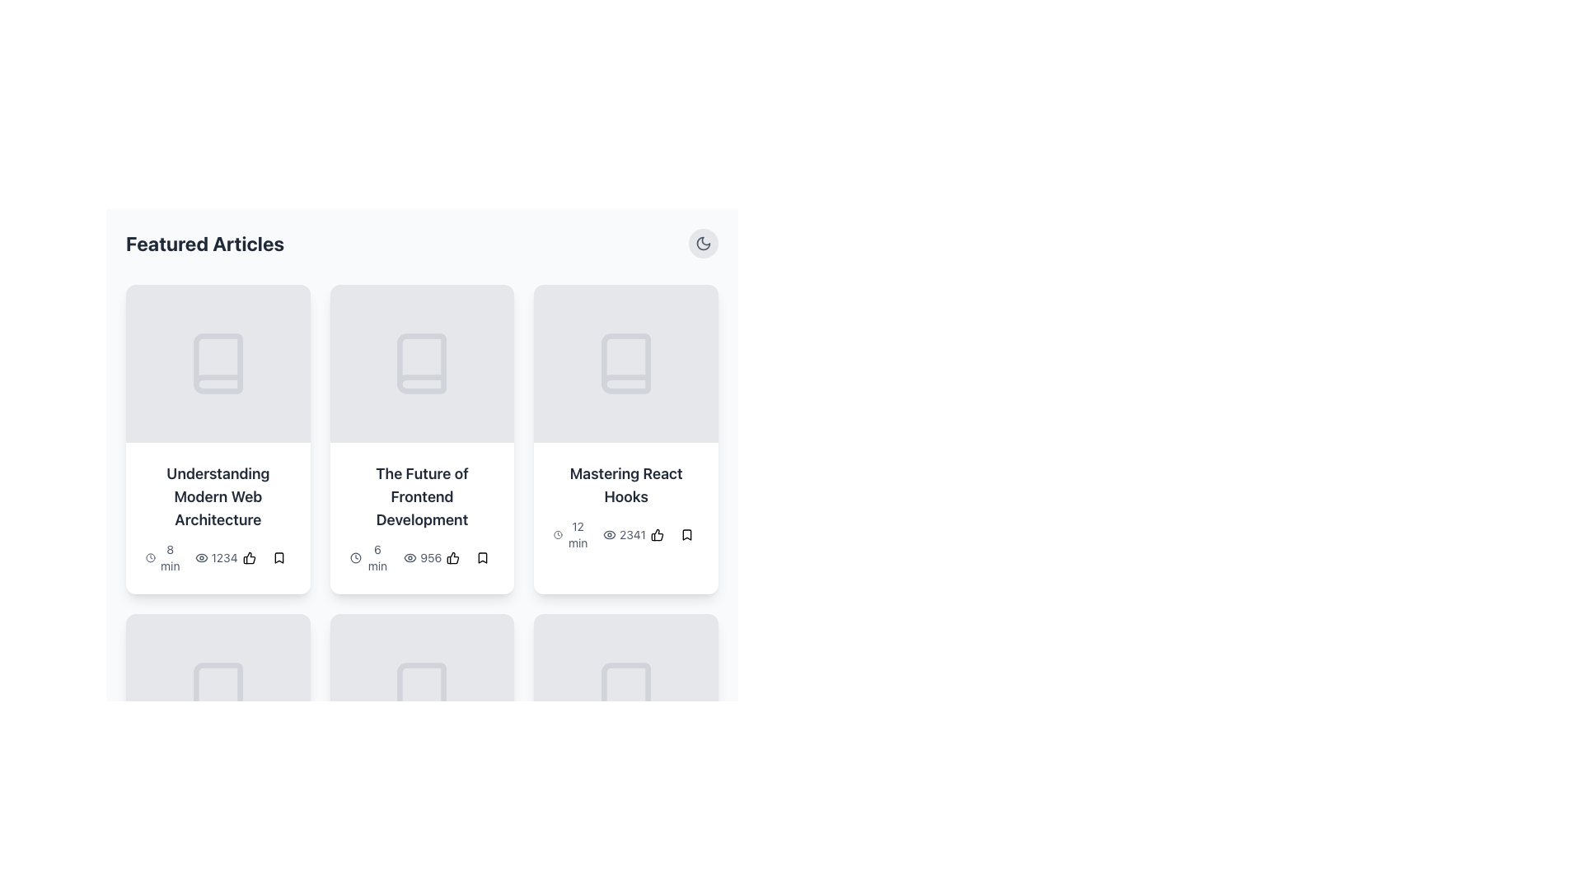 This screenshot has height=889, width=1582. Describe the element at coordinates (558, 535) in the screenshot. I see `the clock icon indicating a duration of 12 minutes, which is positioned to the left of the text '12 min' in the article's metadata under the title 'Mastering React Hooks'` at that location.